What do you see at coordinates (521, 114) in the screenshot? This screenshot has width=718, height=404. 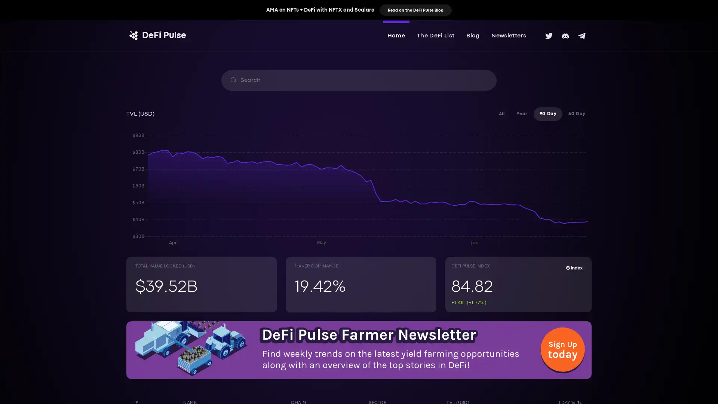 I see `Year` at bounding box center [521, 114].